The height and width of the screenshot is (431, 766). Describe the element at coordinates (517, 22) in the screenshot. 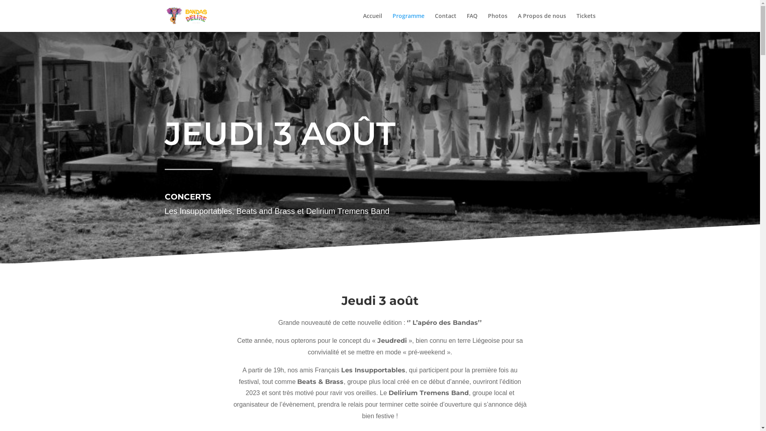

I see `'A Propos de nous'` at that location.